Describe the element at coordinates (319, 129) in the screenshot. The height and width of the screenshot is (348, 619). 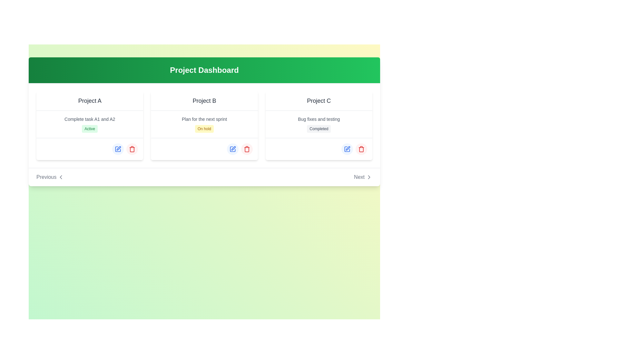
I see `the Status label with the text 'Completed', which is a small pill-shaped label located below 'Bug fixes and testing' in the 'Project C' section` at that location.